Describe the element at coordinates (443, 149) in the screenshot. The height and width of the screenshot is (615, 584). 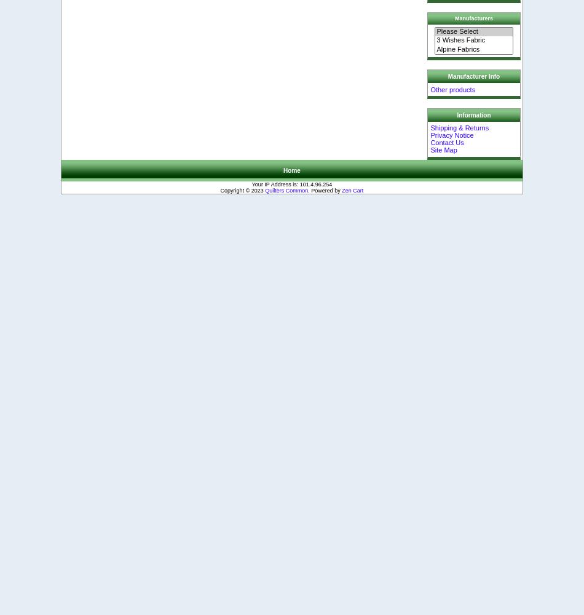
I see `'Site Map'` at that location.